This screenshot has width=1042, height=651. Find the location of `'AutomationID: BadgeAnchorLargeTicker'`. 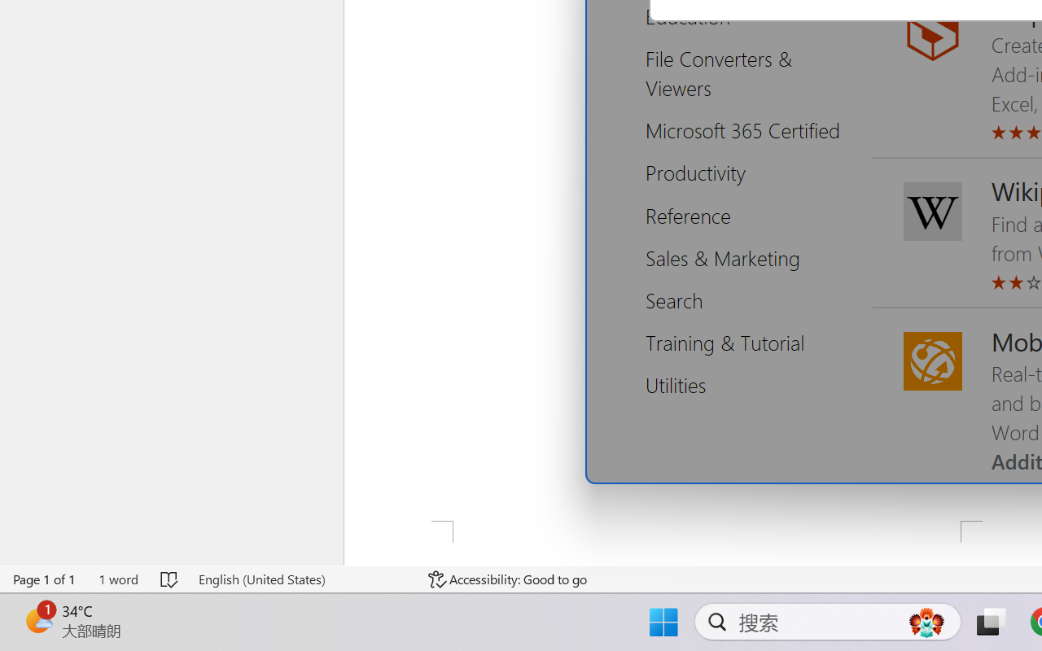

'AutomationID: BadgeAnchorLargeTicker' is located at coordinates (37, 620).